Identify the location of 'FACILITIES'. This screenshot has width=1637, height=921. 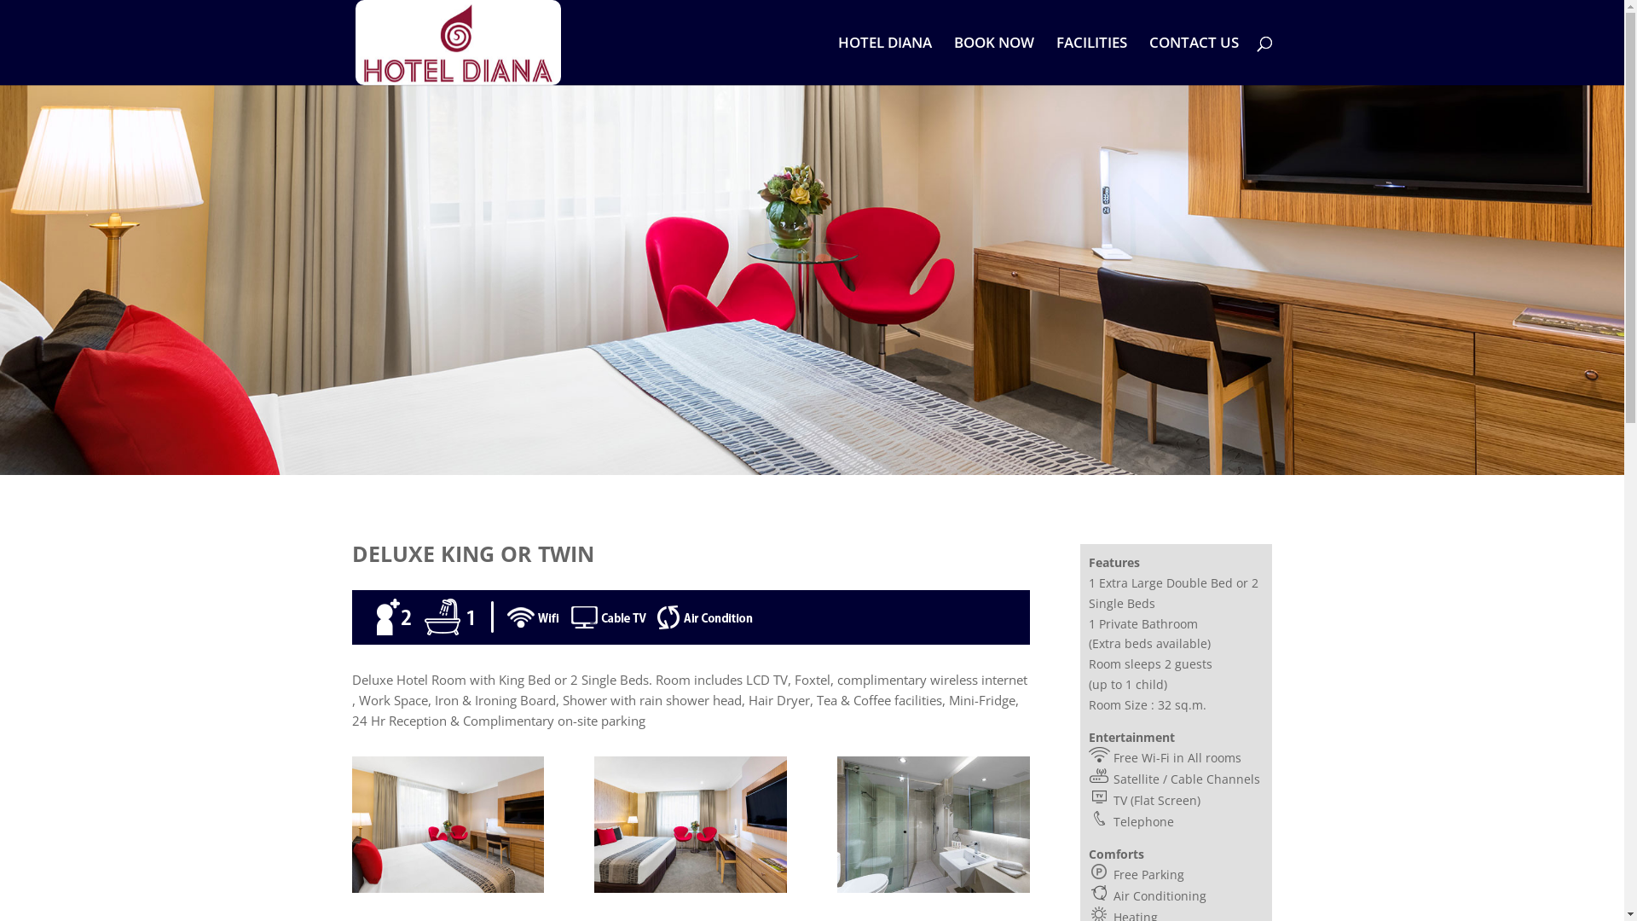
(1090, 60).